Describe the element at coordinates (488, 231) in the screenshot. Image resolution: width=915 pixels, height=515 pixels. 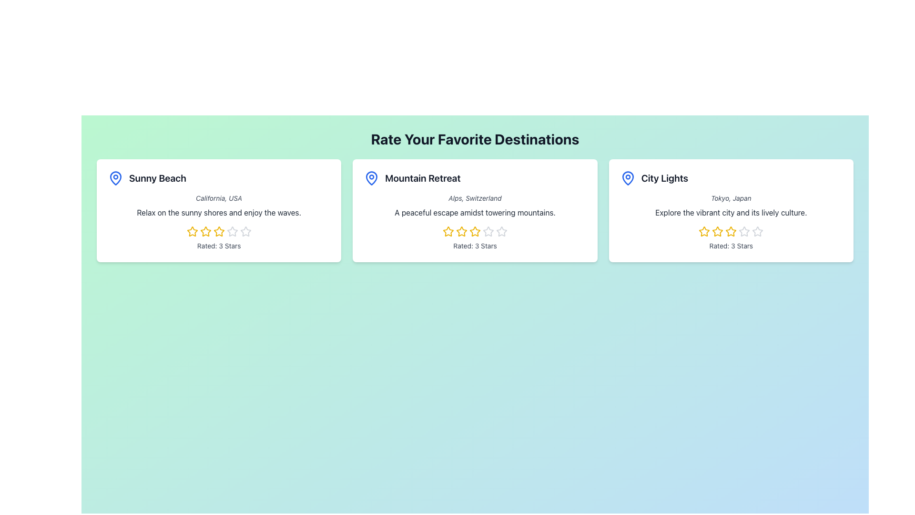
I see `the interactive star icon for a 3-star rating located under the title 'Mountain Retreat' in the third position of a group of five stars` at that location.